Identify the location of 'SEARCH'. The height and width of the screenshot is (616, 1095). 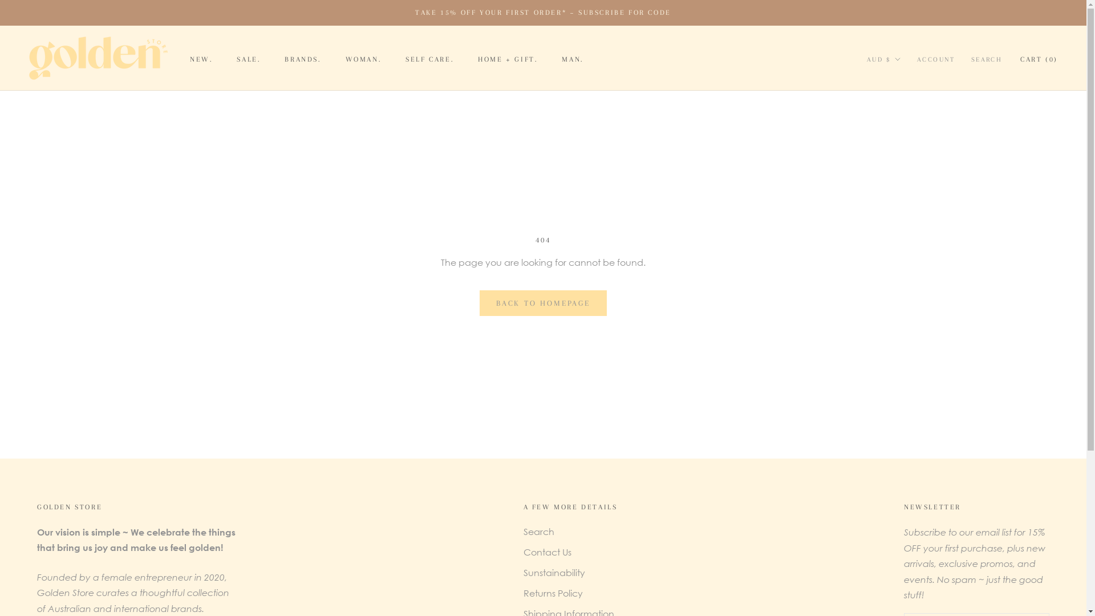
(985, 59).